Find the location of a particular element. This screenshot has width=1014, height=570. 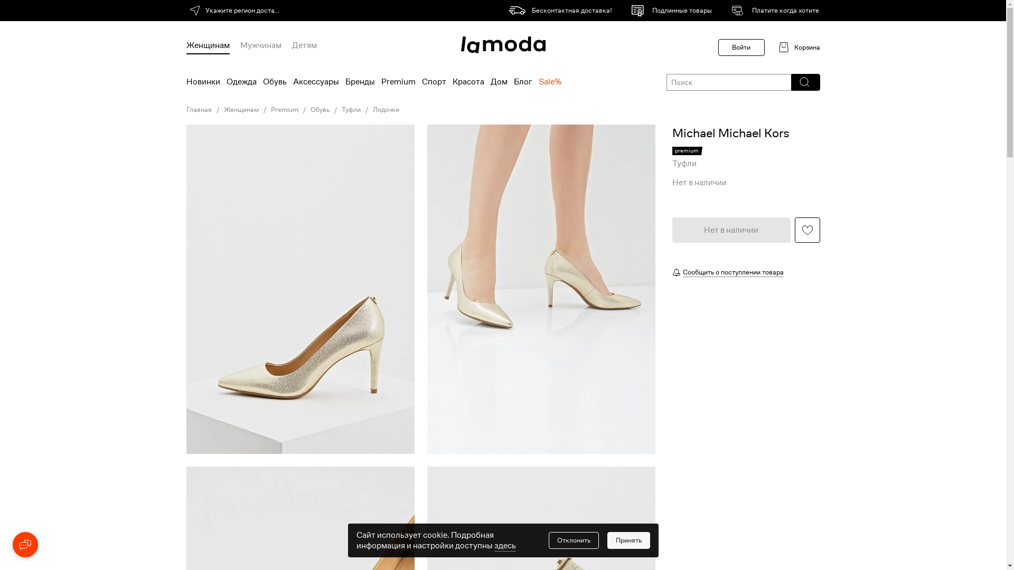

'Sale%' is located at coordinates (549, 81).